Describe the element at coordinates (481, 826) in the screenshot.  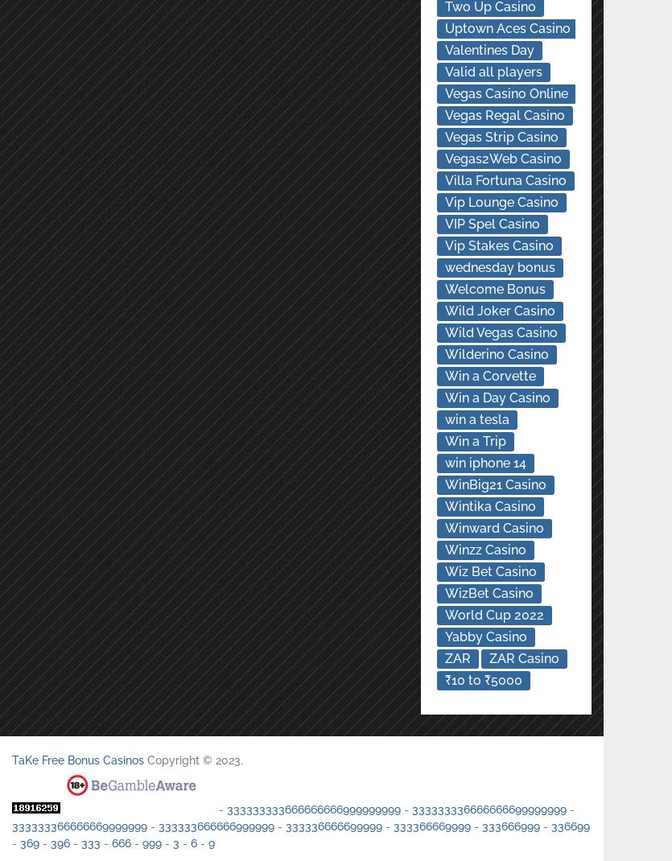
I see `'333666999'` at that location.